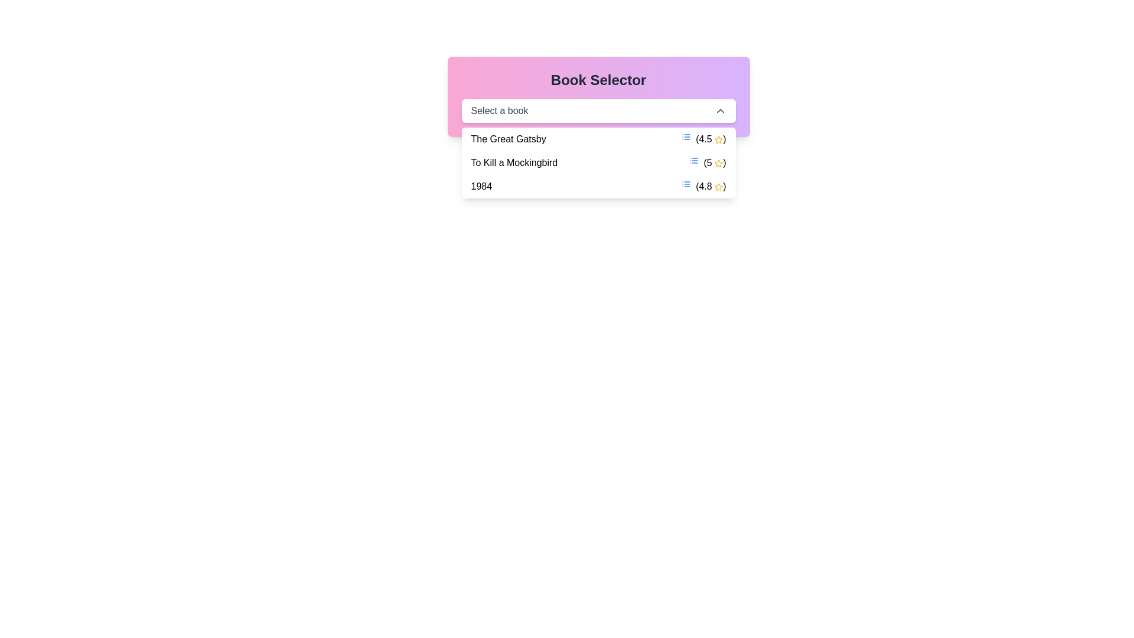  What do you see at coordinates (686, 136) in the screenshot?
I see `the blue horizontal list icon located to the left of the rating text '(4.5 )' for 'The Great Gatsby'` at bounding box center [686, 136].